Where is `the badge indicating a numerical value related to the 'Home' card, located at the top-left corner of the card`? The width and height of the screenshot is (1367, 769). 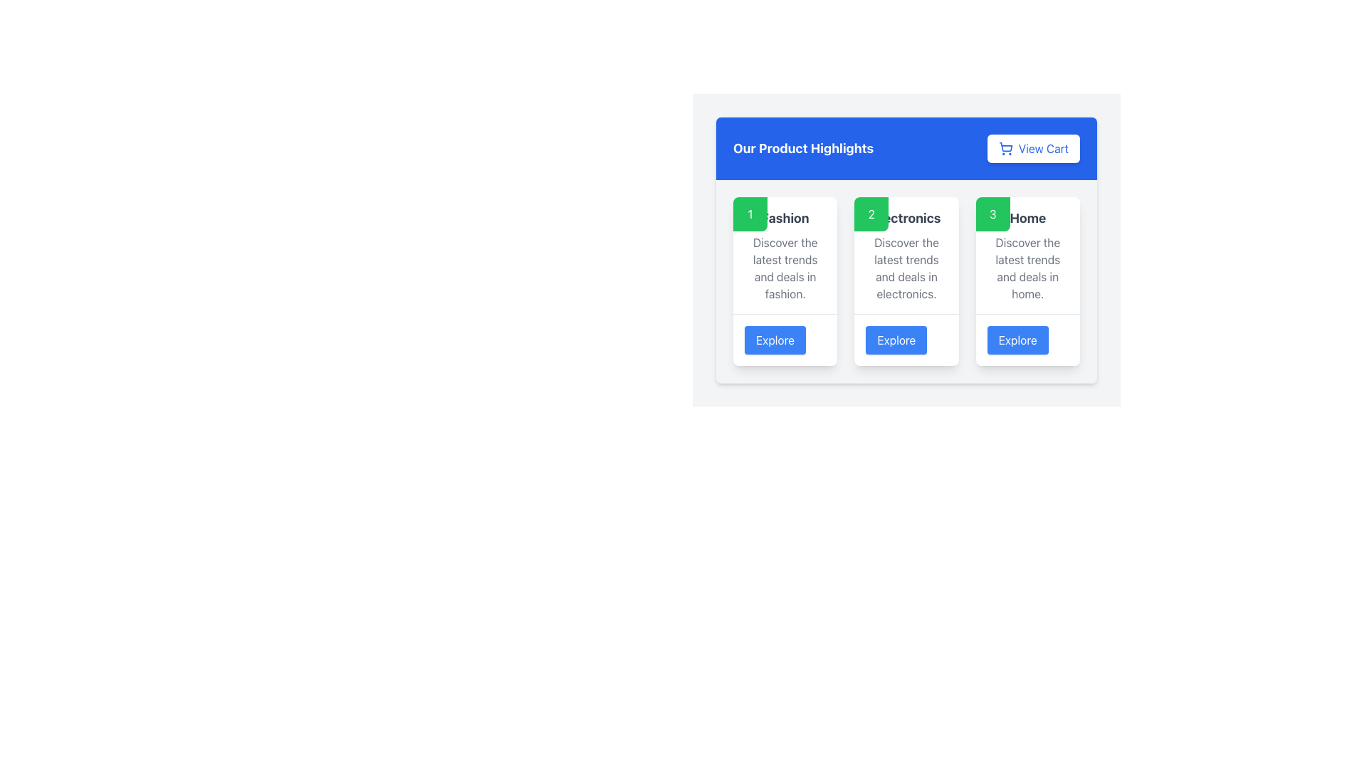
the badge indicating a numerical value related to the 'Home' card, located at the top-left corner of the card is located at coordinates (992, 214).